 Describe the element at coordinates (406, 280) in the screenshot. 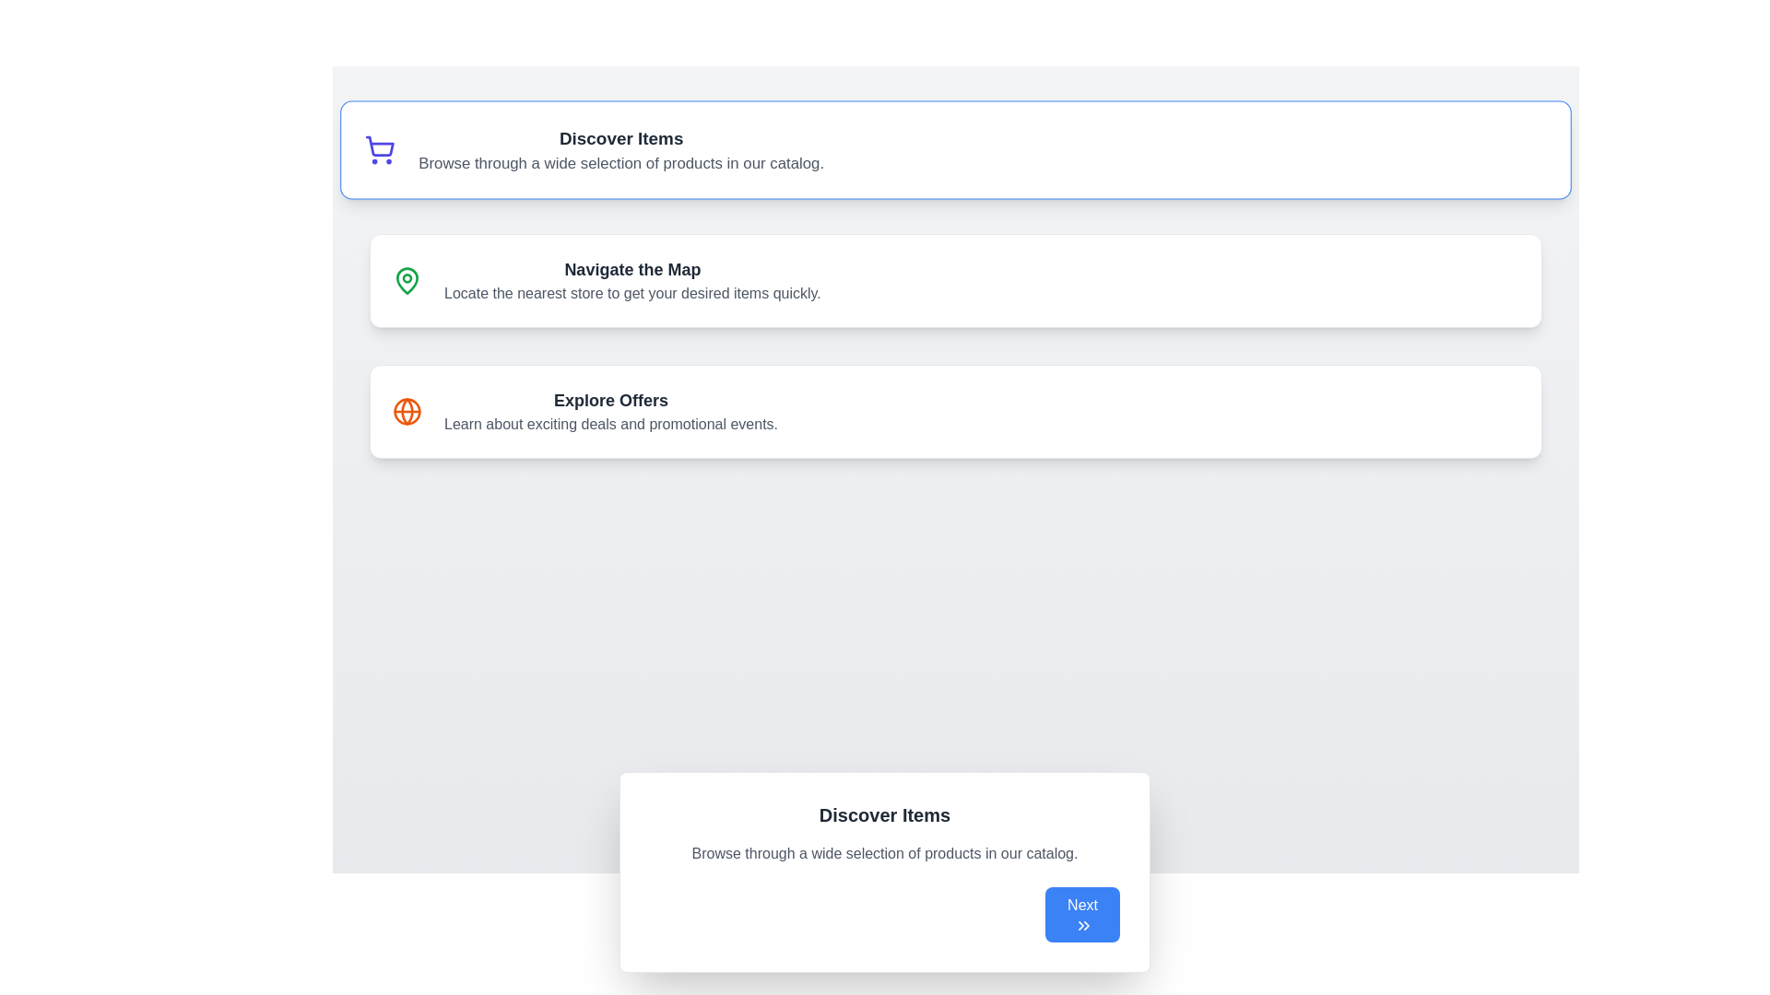

I see `the icon representing 'Navigate the Map', which is the second menu option in a horizontally aligned menu` at that location.